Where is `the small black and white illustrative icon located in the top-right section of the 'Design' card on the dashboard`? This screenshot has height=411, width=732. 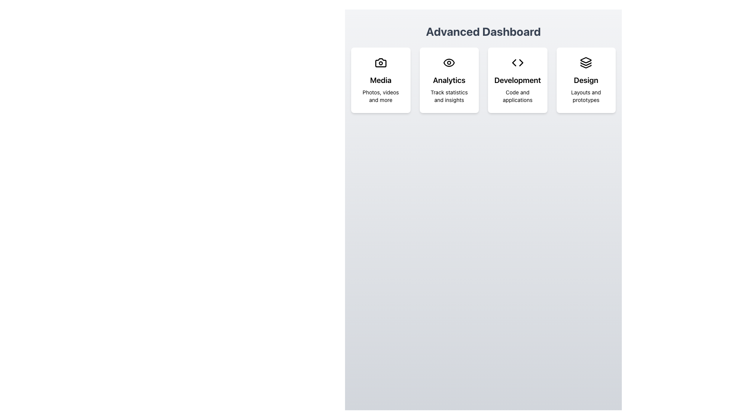 the small black and white illustrative icon located in the top-right section of the 'Design' card on the dashboard is located at coordinates (586, 66).